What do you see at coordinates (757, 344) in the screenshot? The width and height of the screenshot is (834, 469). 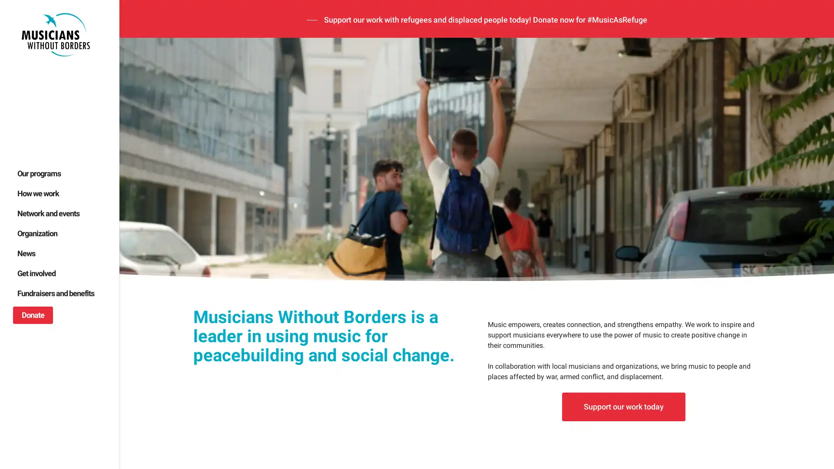 I see `mute` at bounding box center [757, 344].